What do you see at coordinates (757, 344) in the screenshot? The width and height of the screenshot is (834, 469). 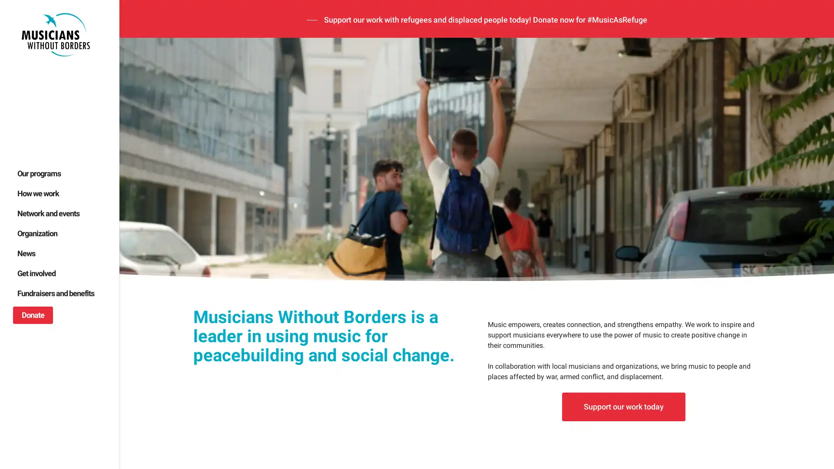 I see `mute` at bounding box center [757, 344].